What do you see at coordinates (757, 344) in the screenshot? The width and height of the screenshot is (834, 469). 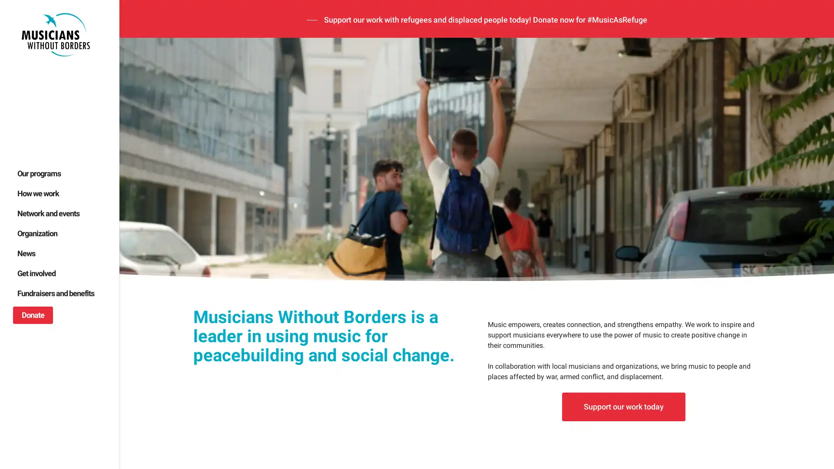 I see `mute` at bounding box center [757, 344].